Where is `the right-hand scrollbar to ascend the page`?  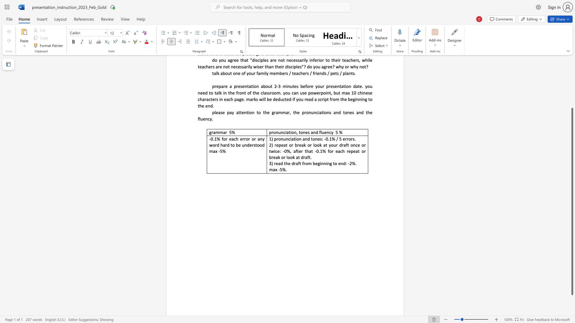
the right-hand scrollbar to ascend the page is located at coordinates (572, 77).